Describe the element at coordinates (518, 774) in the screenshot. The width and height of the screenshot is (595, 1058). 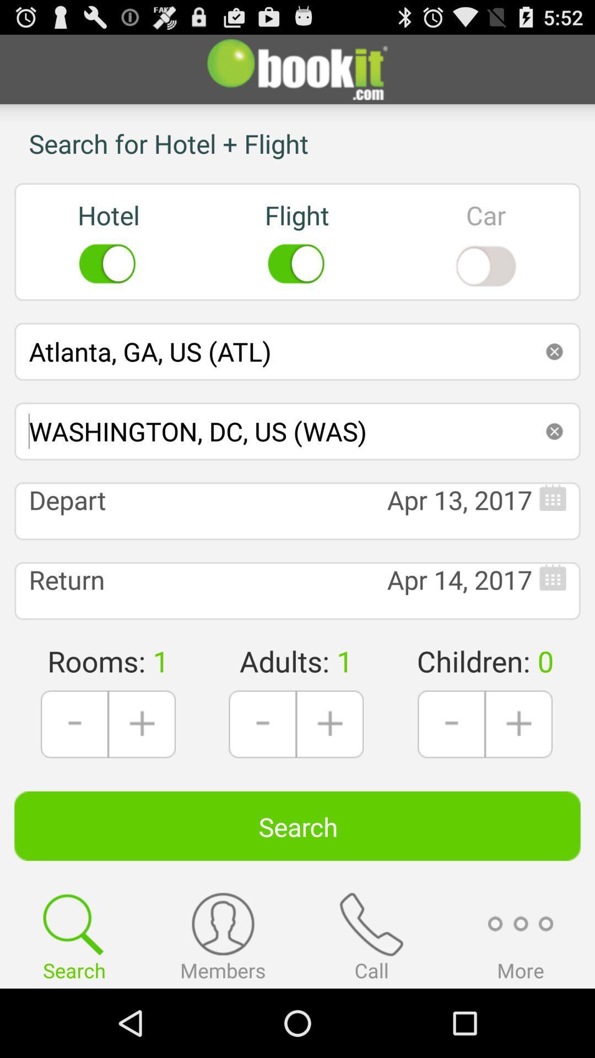
I see `the add icon` at that location.